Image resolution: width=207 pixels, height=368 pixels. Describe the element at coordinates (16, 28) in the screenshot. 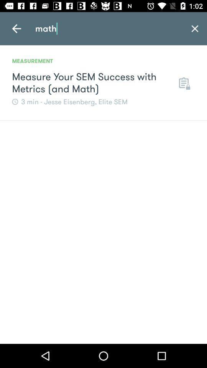

I see `the arrow_backward icon` at that location.